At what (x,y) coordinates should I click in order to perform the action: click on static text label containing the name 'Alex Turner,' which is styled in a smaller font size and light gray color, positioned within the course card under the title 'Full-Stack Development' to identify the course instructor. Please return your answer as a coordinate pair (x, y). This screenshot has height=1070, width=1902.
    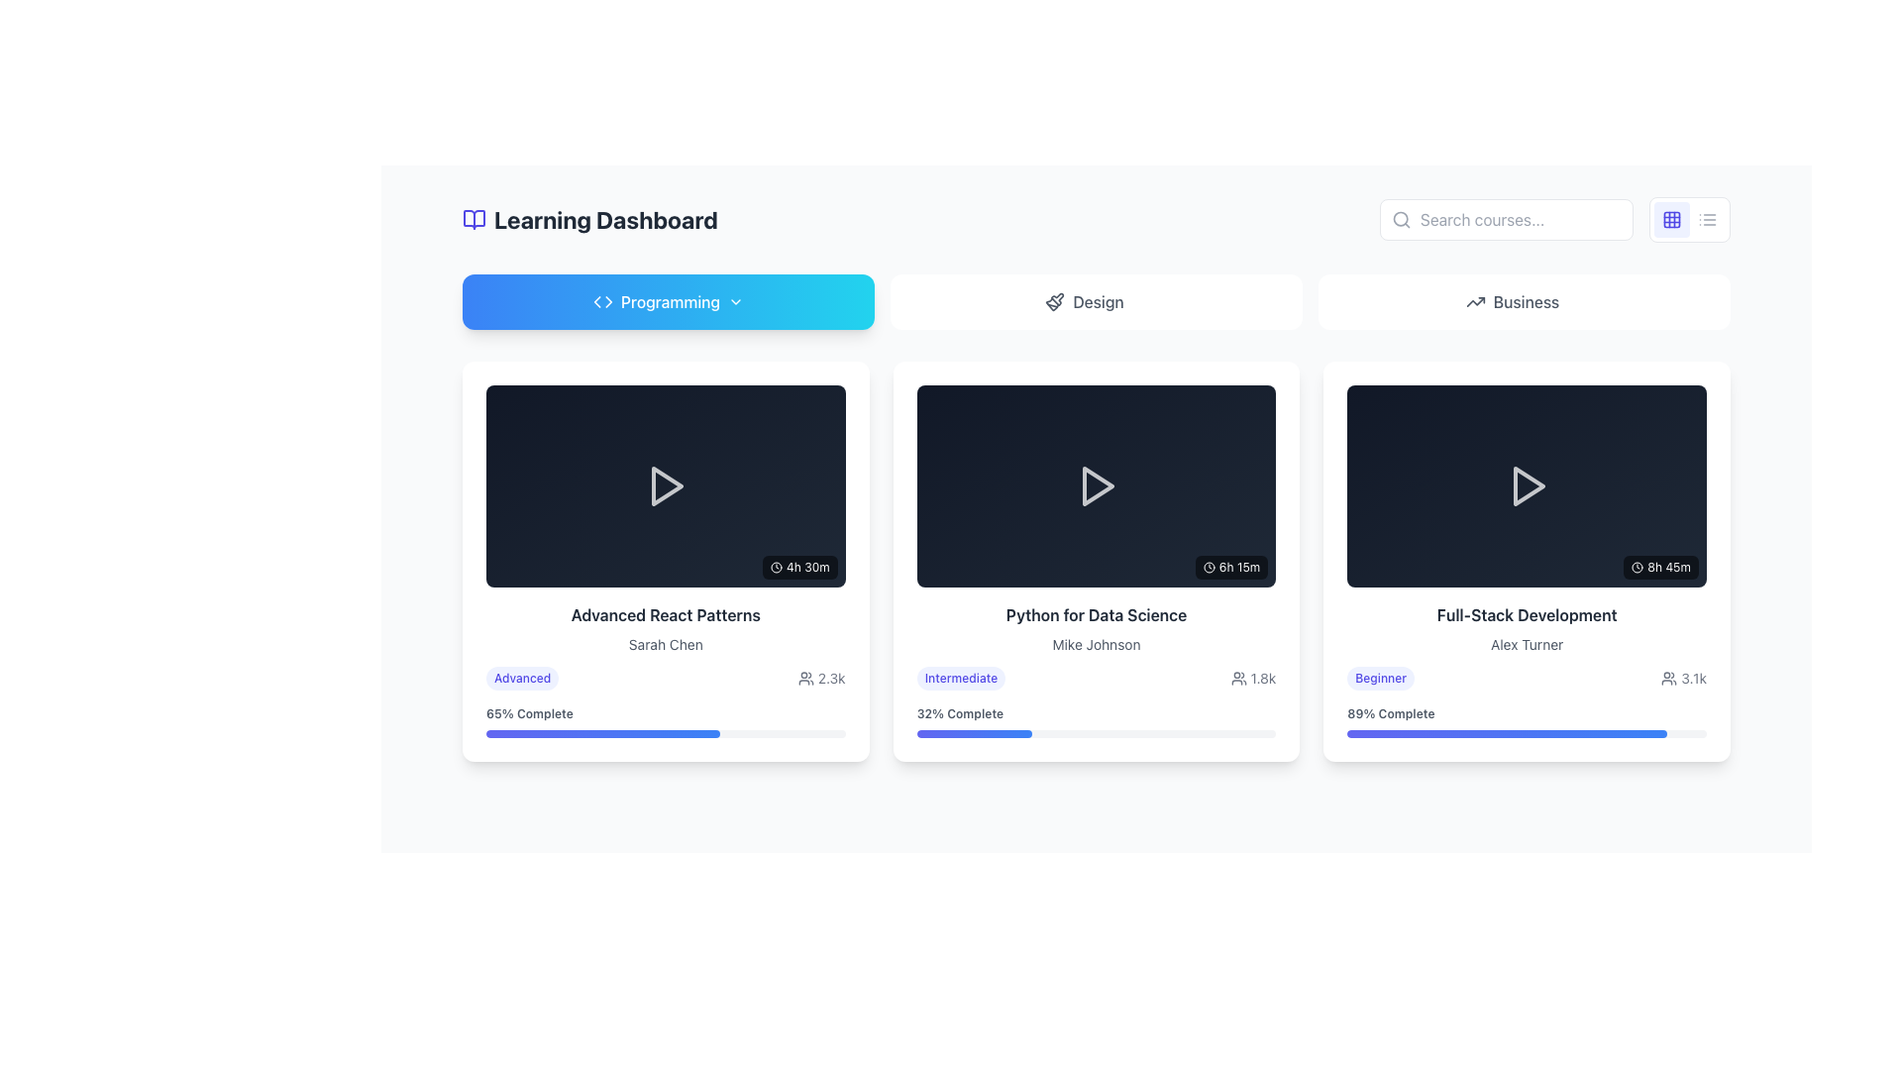
    Looking at the image, I should click on (1526, 645).